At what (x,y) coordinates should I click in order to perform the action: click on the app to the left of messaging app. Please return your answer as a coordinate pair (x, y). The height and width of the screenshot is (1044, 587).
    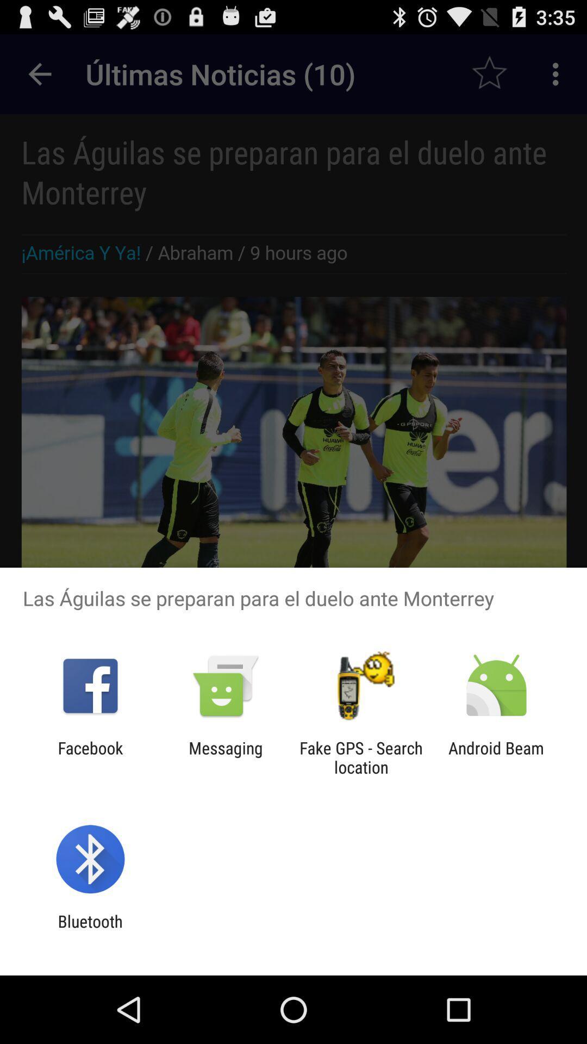
    Looking at the image, I should click on (90, 757).